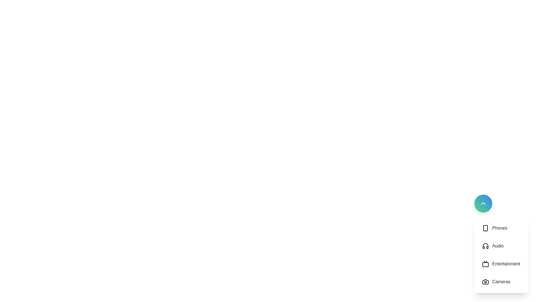 Image resolution: width=537 pixels, height=302 pixels. I want to click on the category button labeled 'Entertainment' to observe any visual changes or tooltips, so click(501, 264).